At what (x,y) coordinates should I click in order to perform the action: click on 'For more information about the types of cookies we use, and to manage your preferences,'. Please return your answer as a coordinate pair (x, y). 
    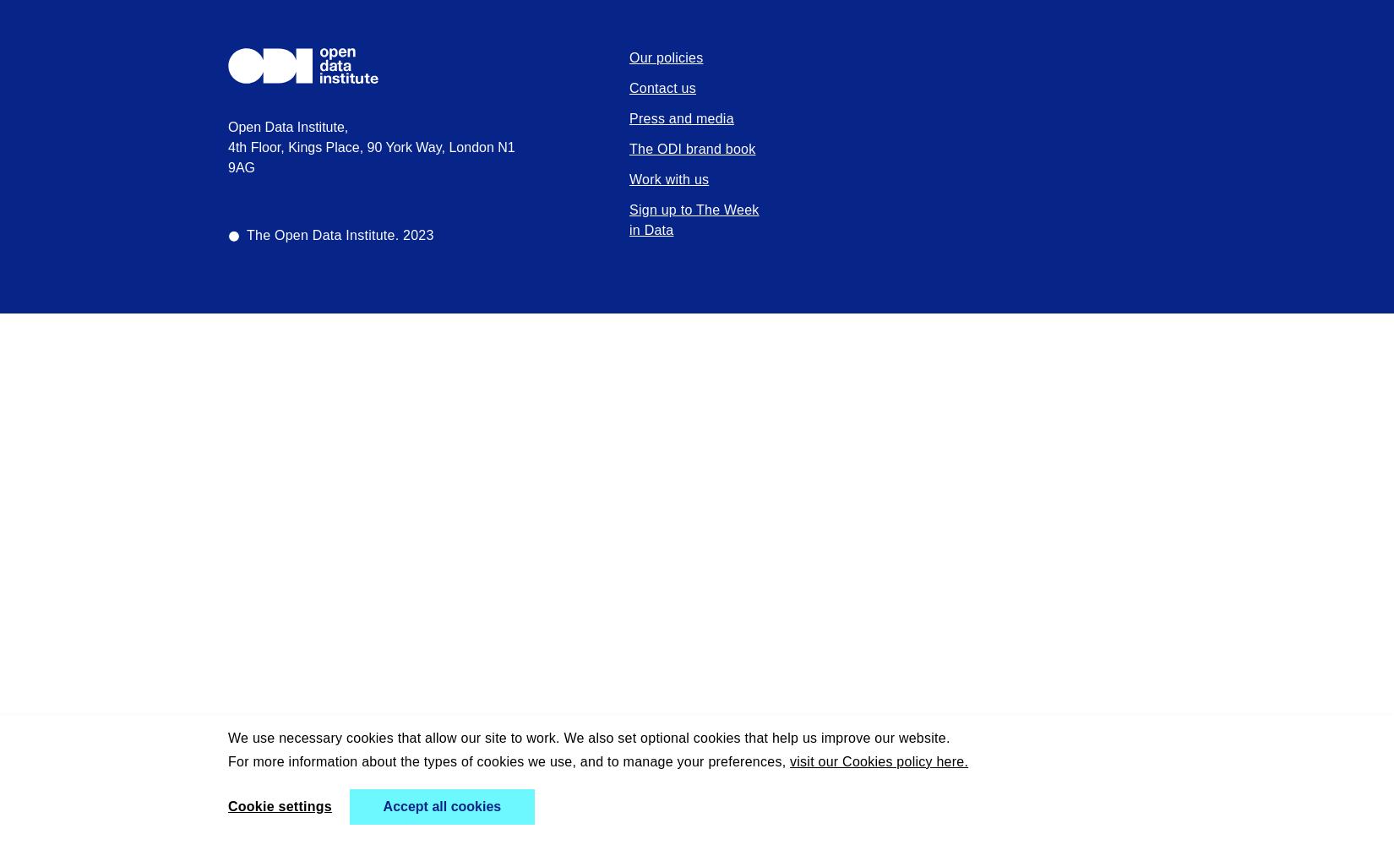
    Looking at the image, I should click on (508, 761).